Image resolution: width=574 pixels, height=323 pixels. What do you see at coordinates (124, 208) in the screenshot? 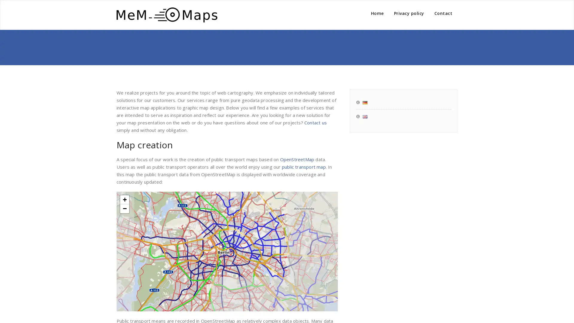
I see `Zoom out` at bounding box center [124, 208].